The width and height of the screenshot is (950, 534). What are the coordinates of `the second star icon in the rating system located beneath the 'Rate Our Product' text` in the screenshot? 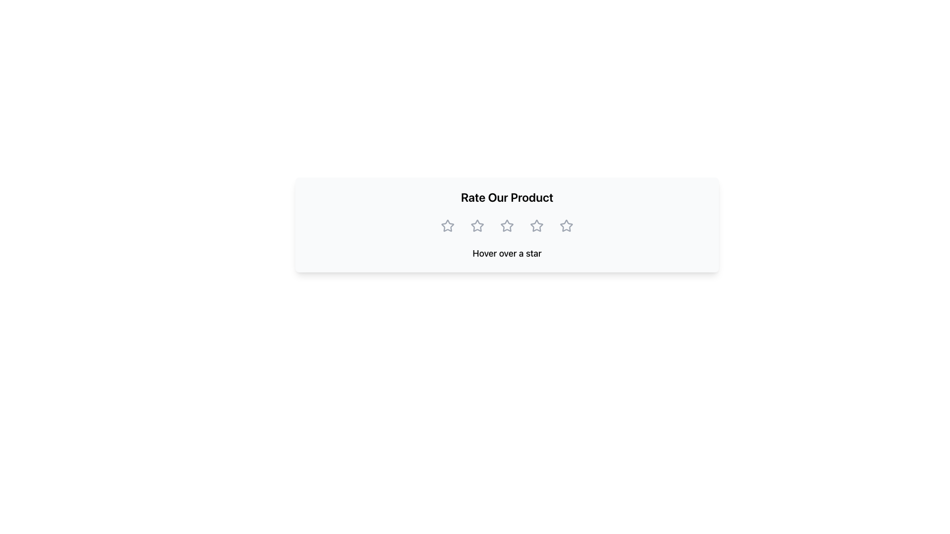 It's located at (477, 225).